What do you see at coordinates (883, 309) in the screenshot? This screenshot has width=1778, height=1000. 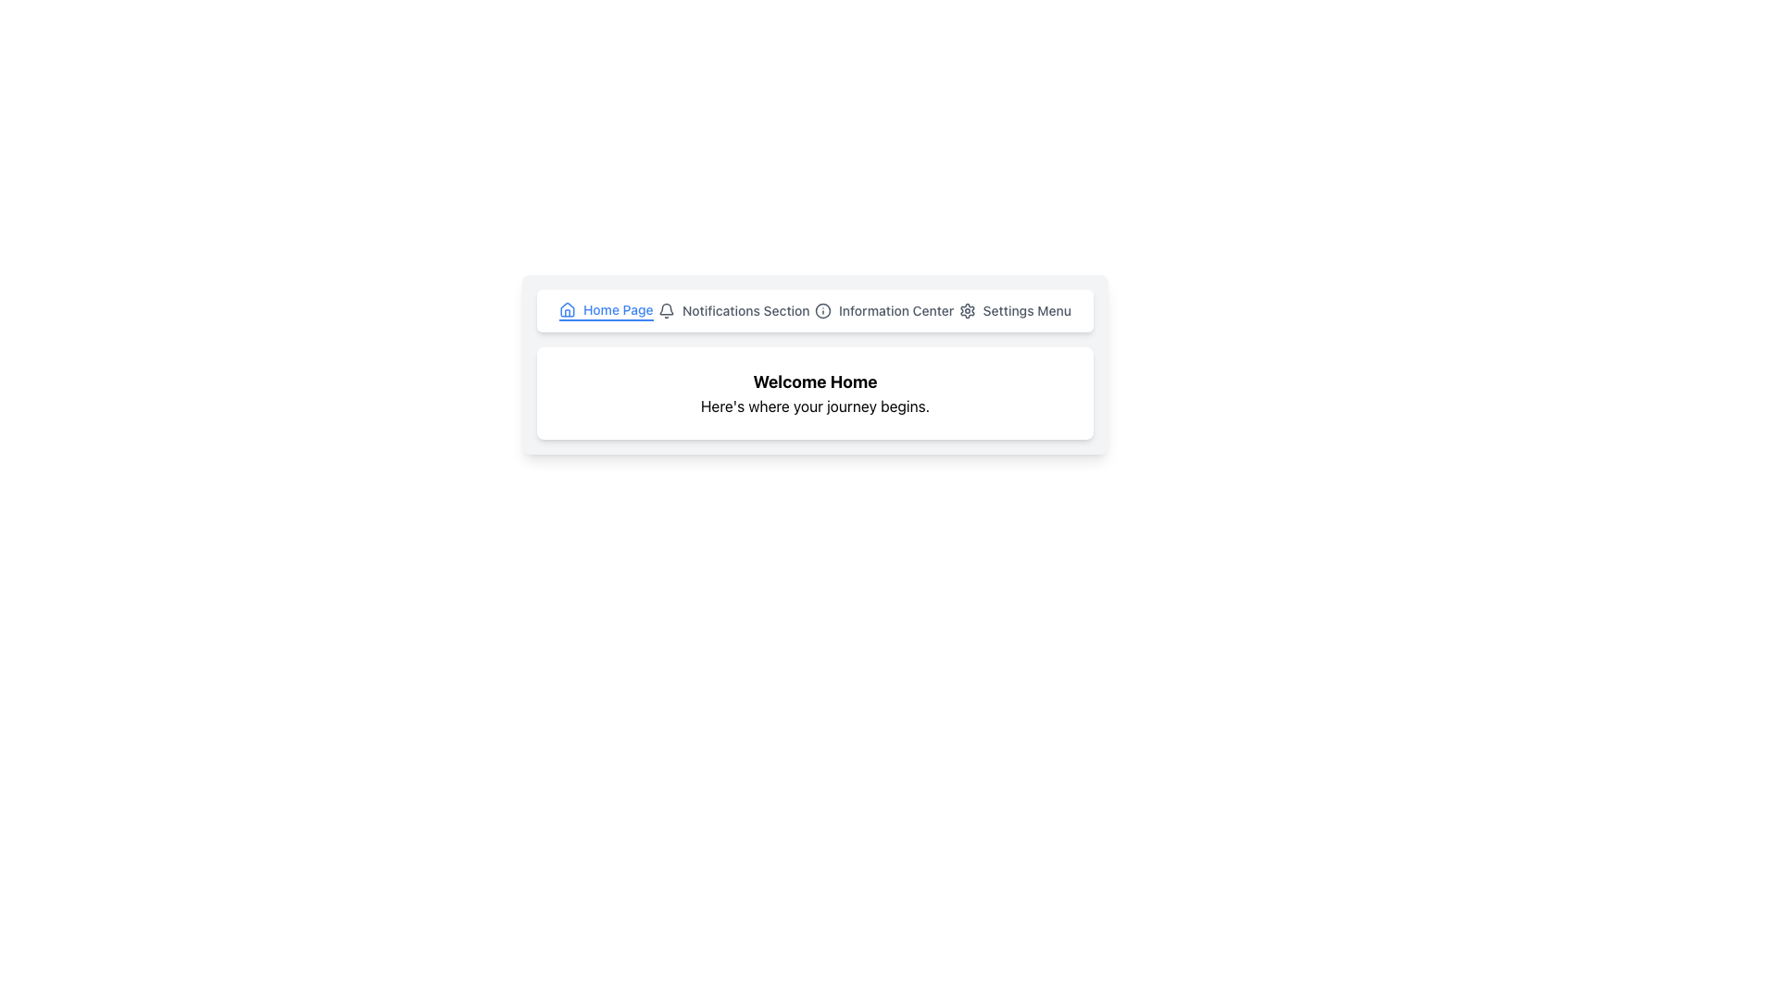 I see `the 'Information Center' button in the navigation menu` at bounding box center [883, 309].